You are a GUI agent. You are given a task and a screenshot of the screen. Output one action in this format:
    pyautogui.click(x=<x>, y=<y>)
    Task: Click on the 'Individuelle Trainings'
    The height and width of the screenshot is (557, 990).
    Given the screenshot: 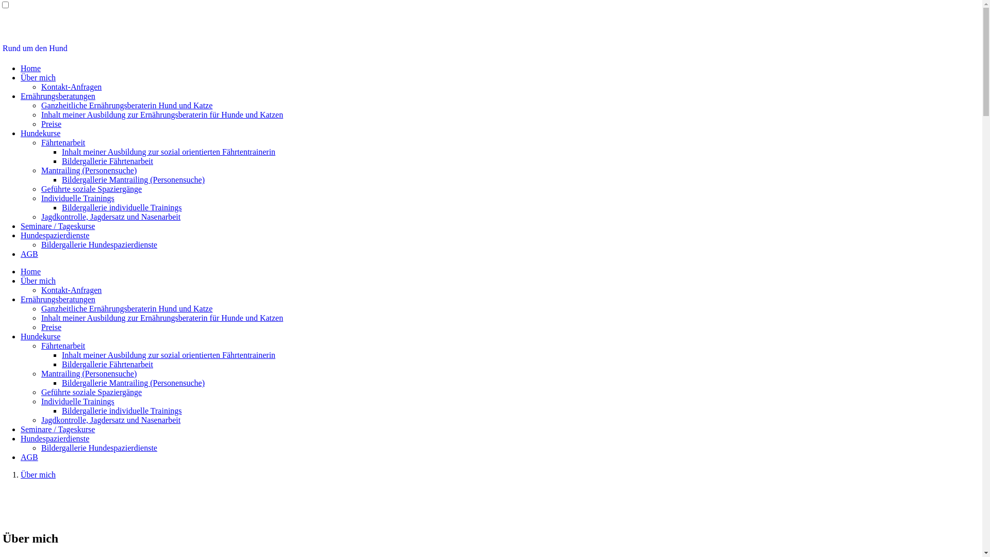 What is the action you would take?
    pyautogui.click(x=77, y=198)
    